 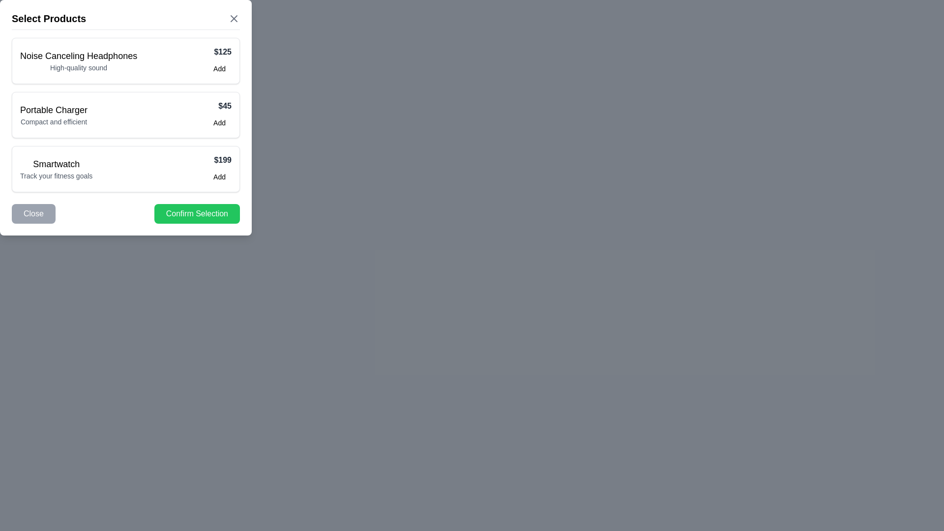 I want to click on title and description information from the text block located in the uppermost row of the product card, which is aligned to the left side adjacent to the price information and the 'Add' button, so click(x=79, y=60).